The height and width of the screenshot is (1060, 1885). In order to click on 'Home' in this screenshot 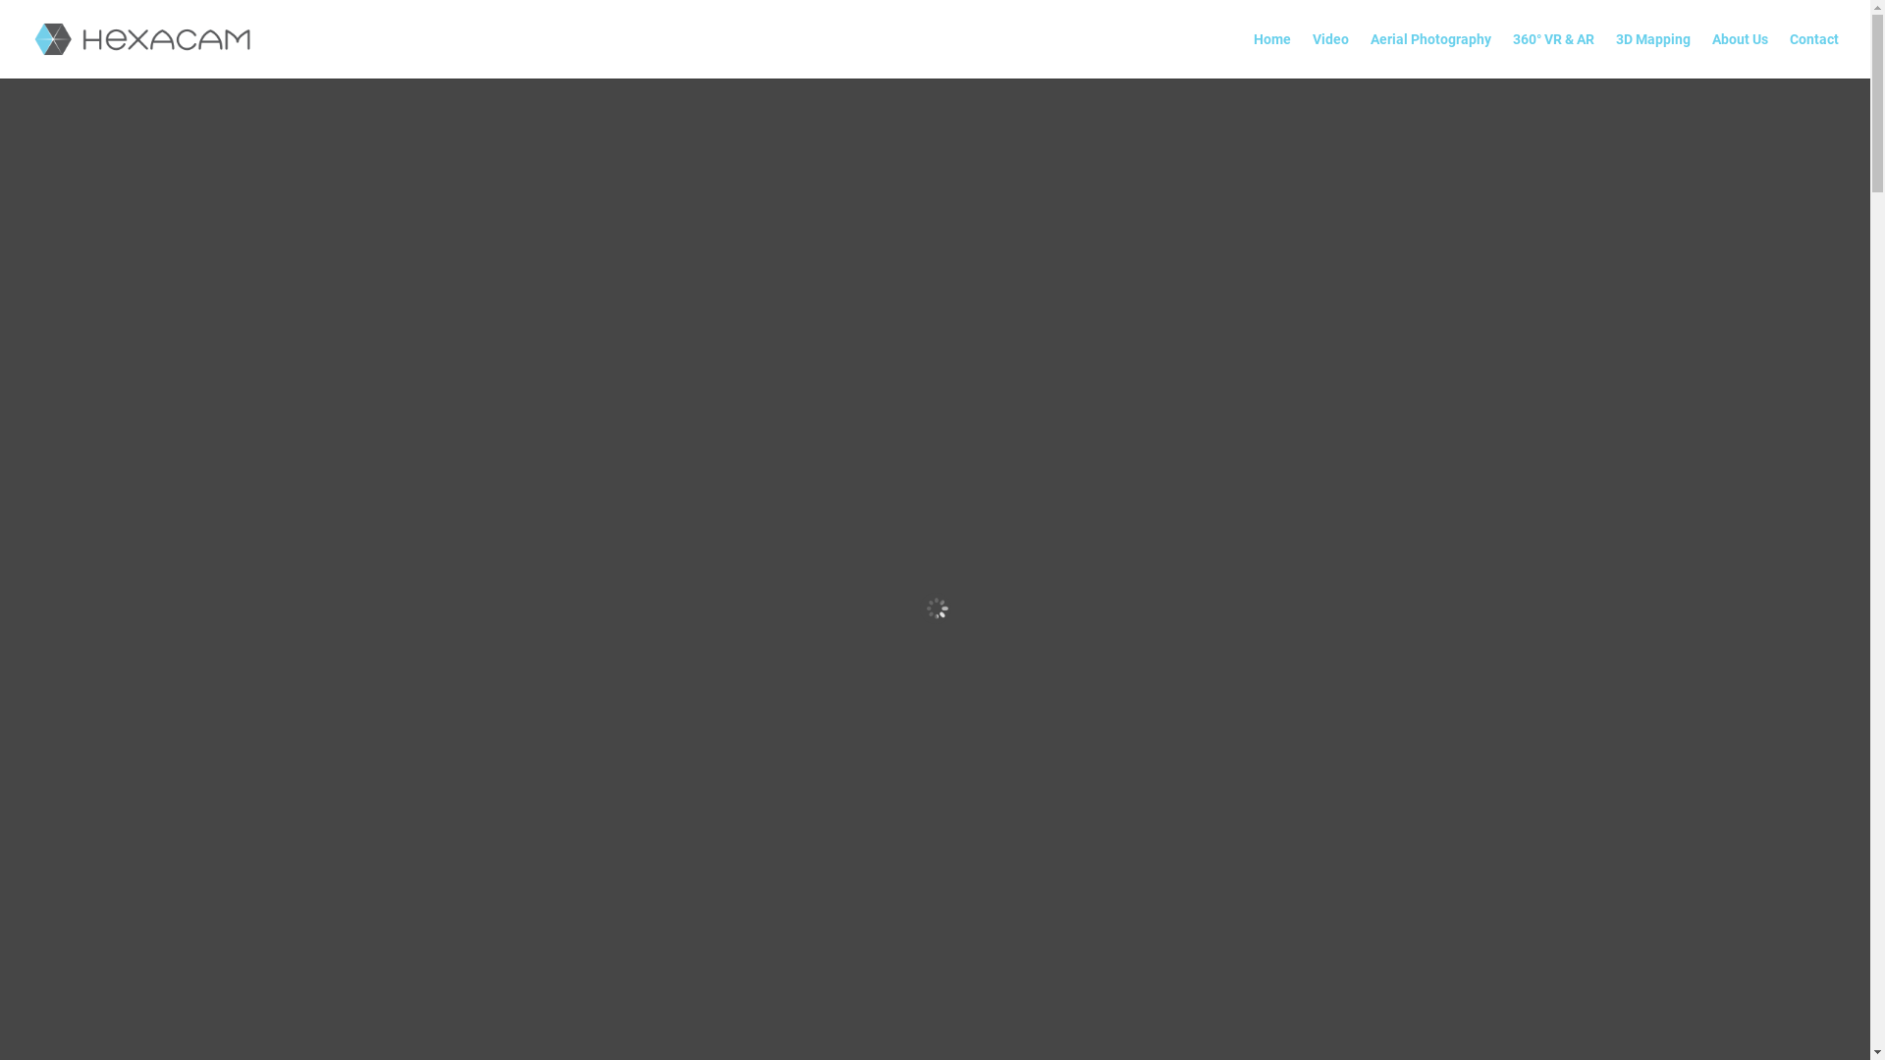, I will do `click(1252, 54)`.